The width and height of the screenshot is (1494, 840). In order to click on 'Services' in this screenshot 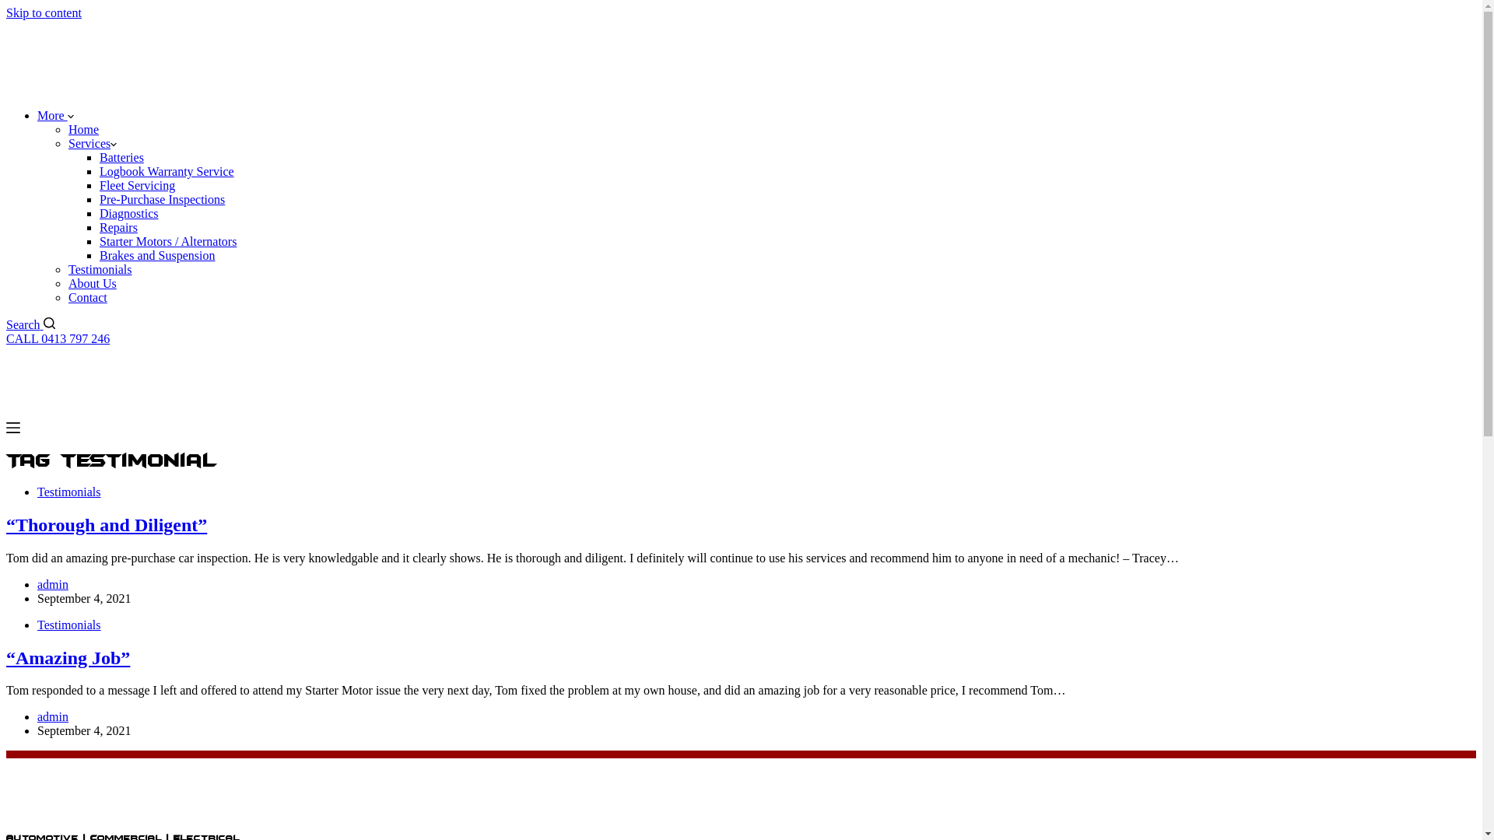, I will do `click(92, 143)`.